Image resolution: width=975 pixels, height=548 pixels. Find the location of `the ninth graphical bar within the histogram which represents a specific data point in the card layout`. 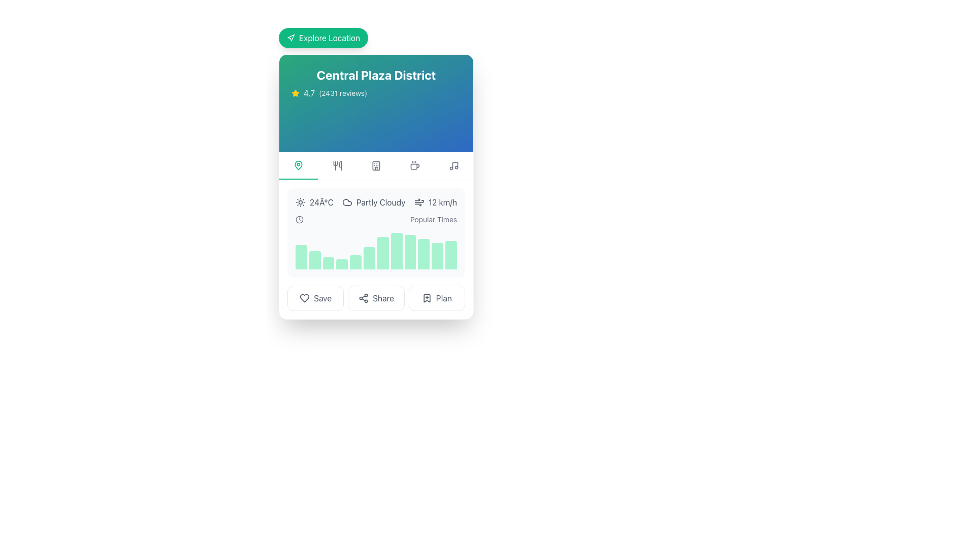

the ninth graphical bar within the histogram which represents a specific data point in the card layout is located at coordinates (410, 252).